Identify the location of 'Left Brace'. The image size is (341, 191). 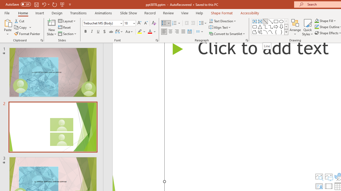
(276, 32).